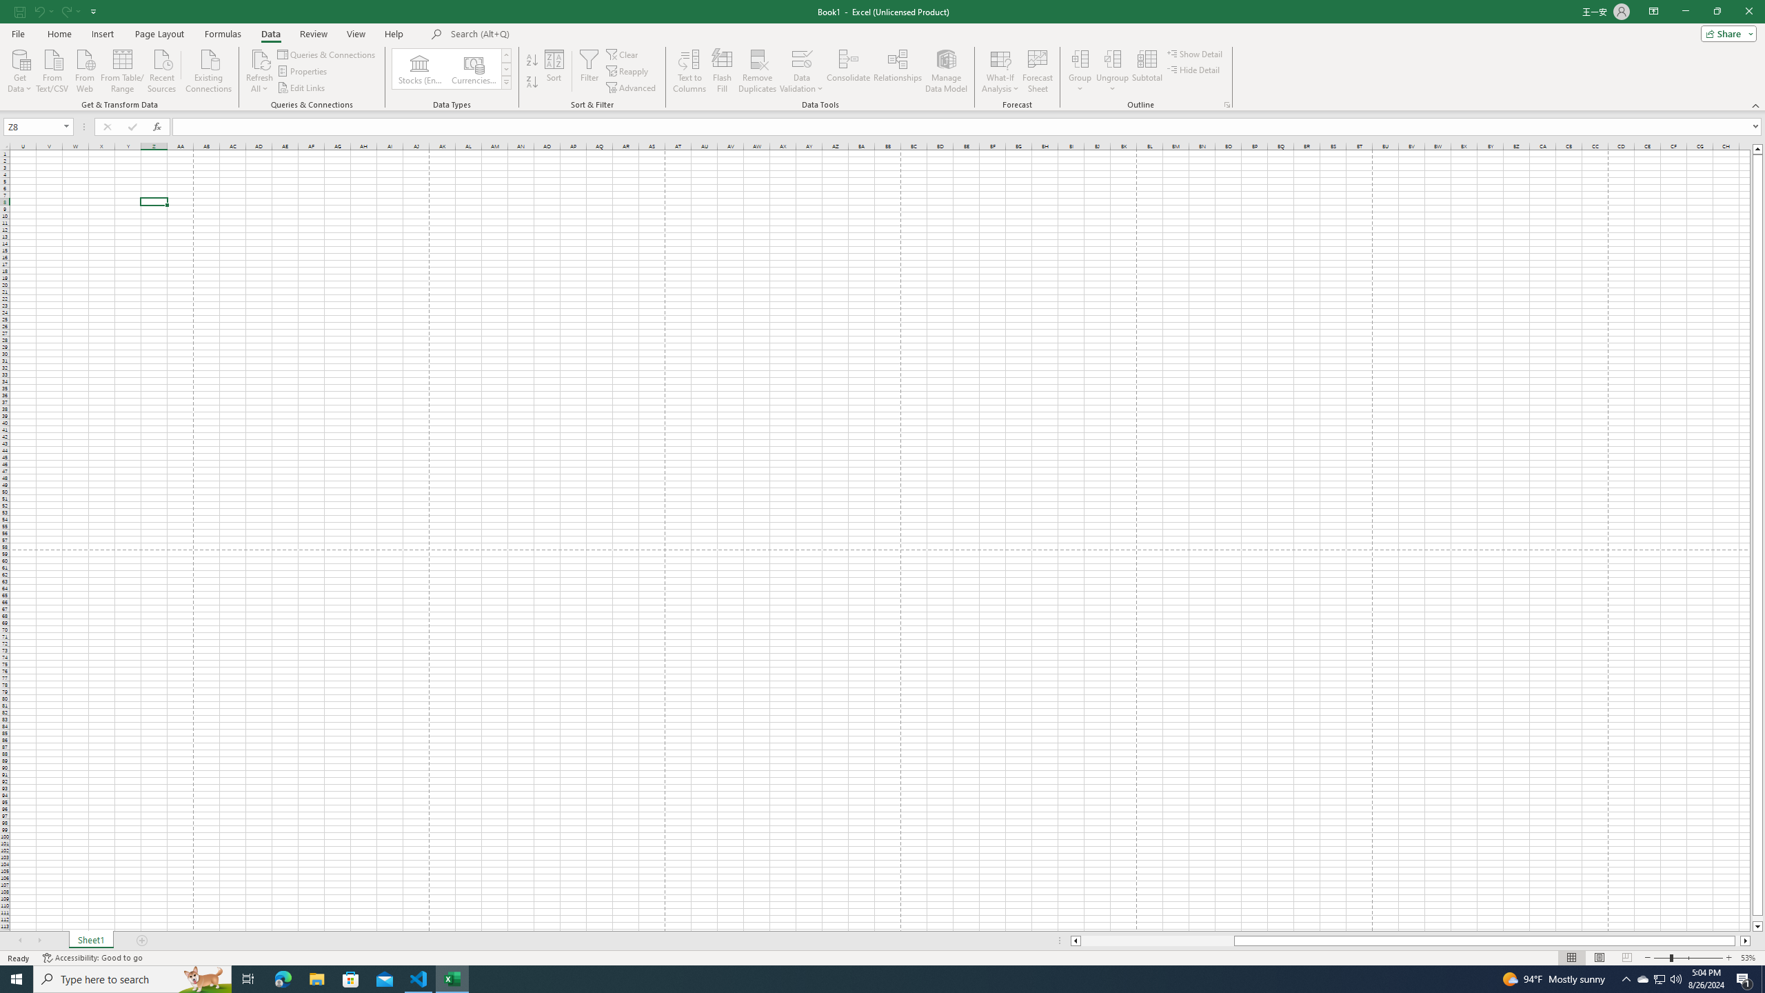  I want to click on 'Relationships', so click(896, 71).